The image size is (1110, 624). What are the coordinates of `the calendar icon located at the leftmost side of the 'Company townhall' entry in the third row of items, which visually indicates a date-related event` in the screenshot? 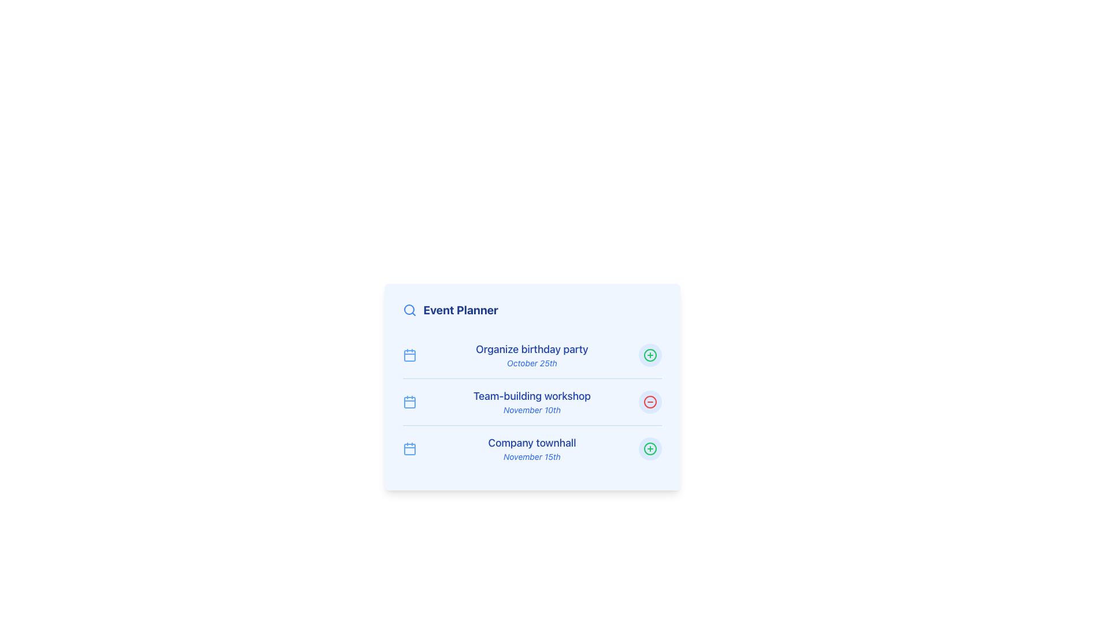 It's located at (409, 448).